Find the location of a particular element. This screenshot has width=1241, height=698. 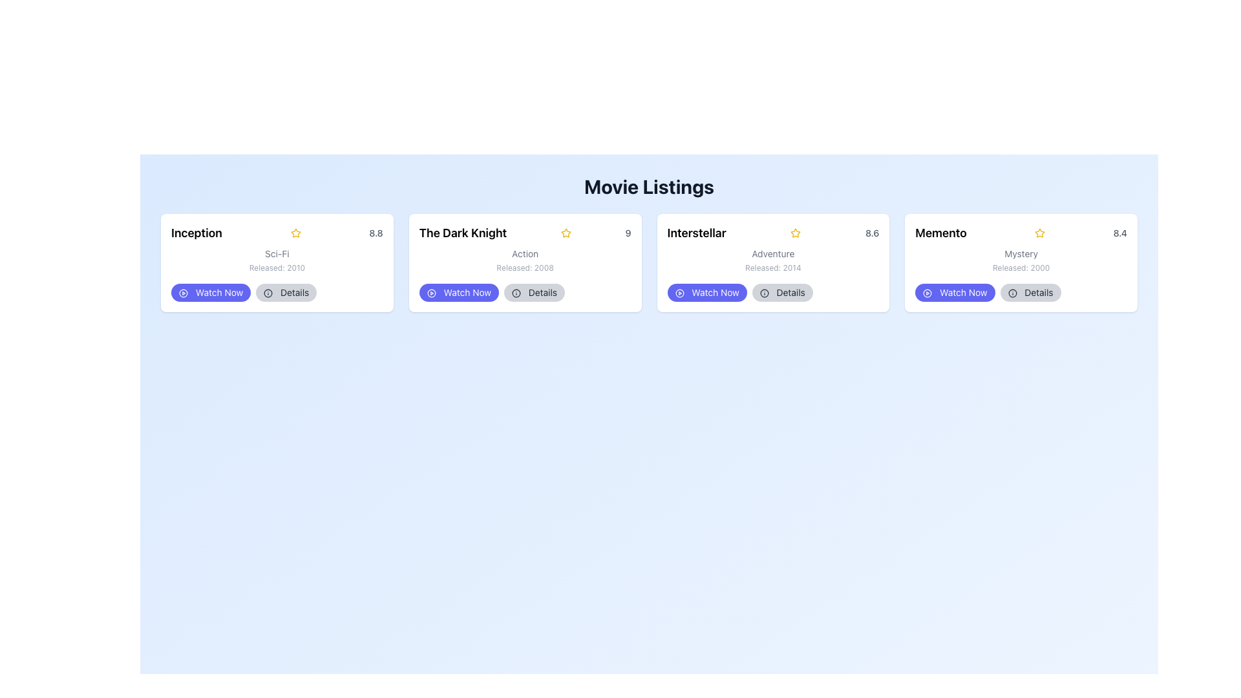

the 'Sci-Fi' text label located in the first movie card (Inception), which is styled with a smaller font size and gray color, positioned directly below the rating '8.8' is located at coordinates (276, 254).